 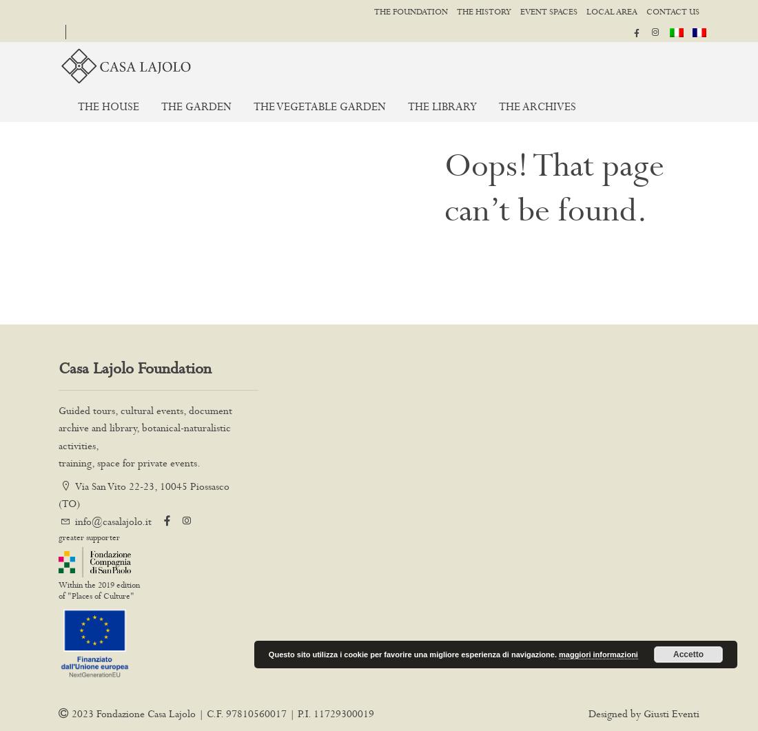 What do you see at coordinates (373, 11) in the screenshot?
I see `'The foundation'` at bounding box center [373, 11].